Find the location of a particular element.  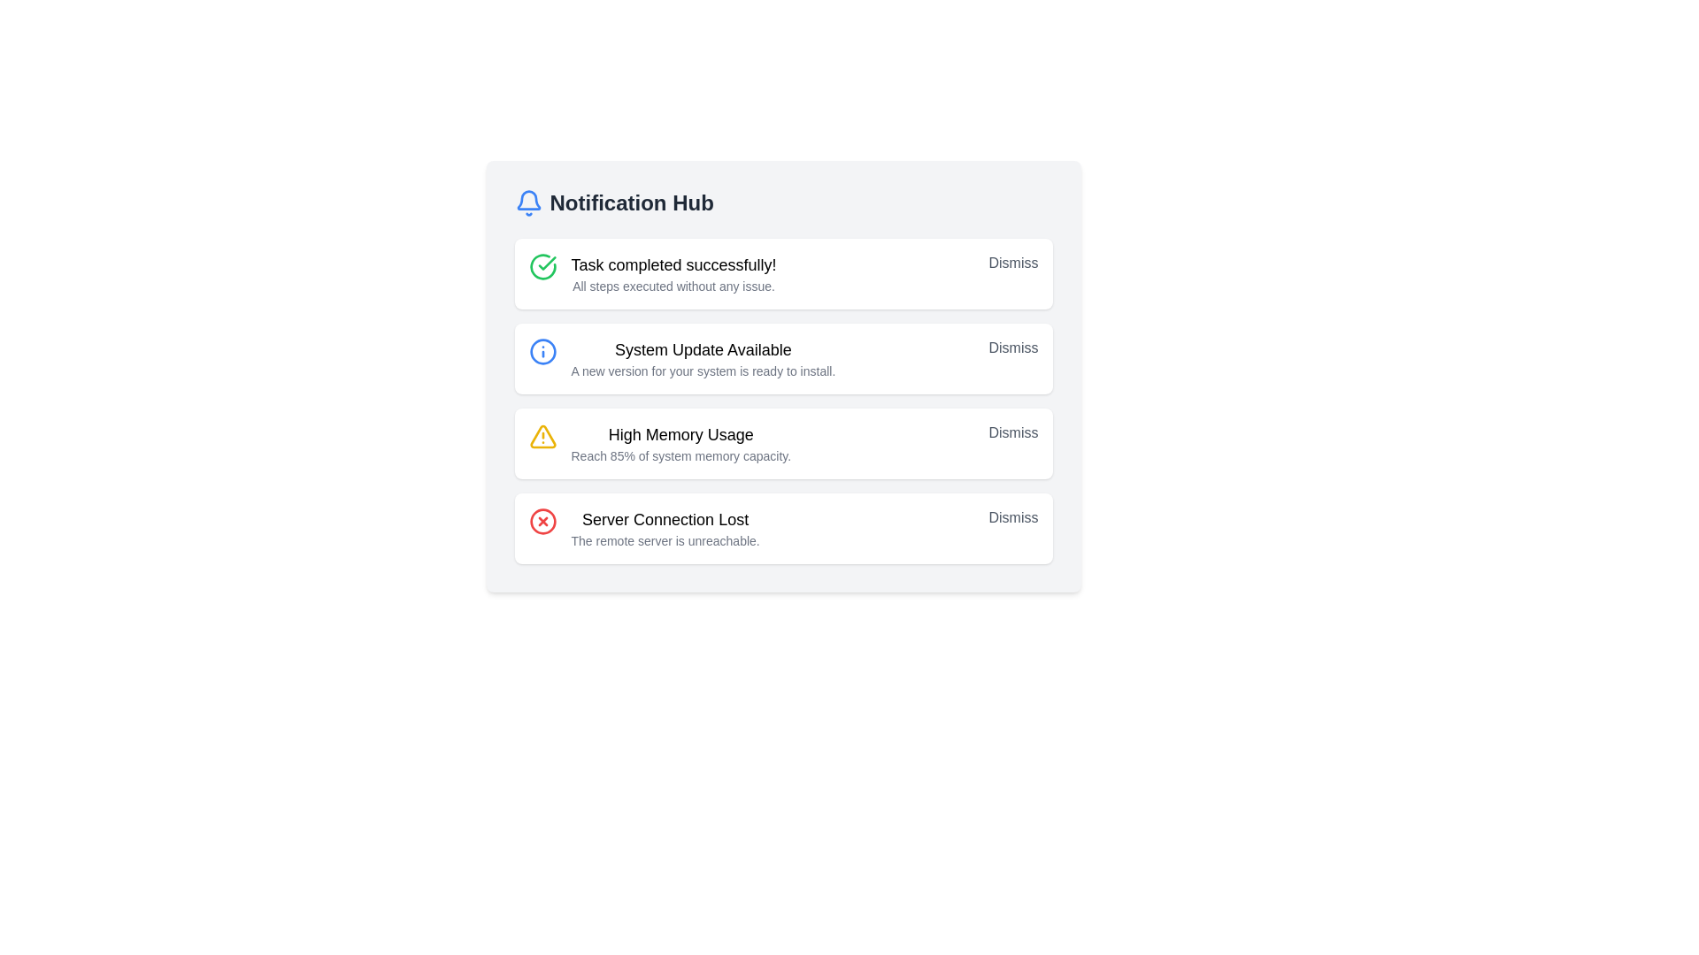

the title text of the notification message indicating that the server connection is lost, located at the bottom of the 'Notification Hub' list is located at coordinates (665, 518).